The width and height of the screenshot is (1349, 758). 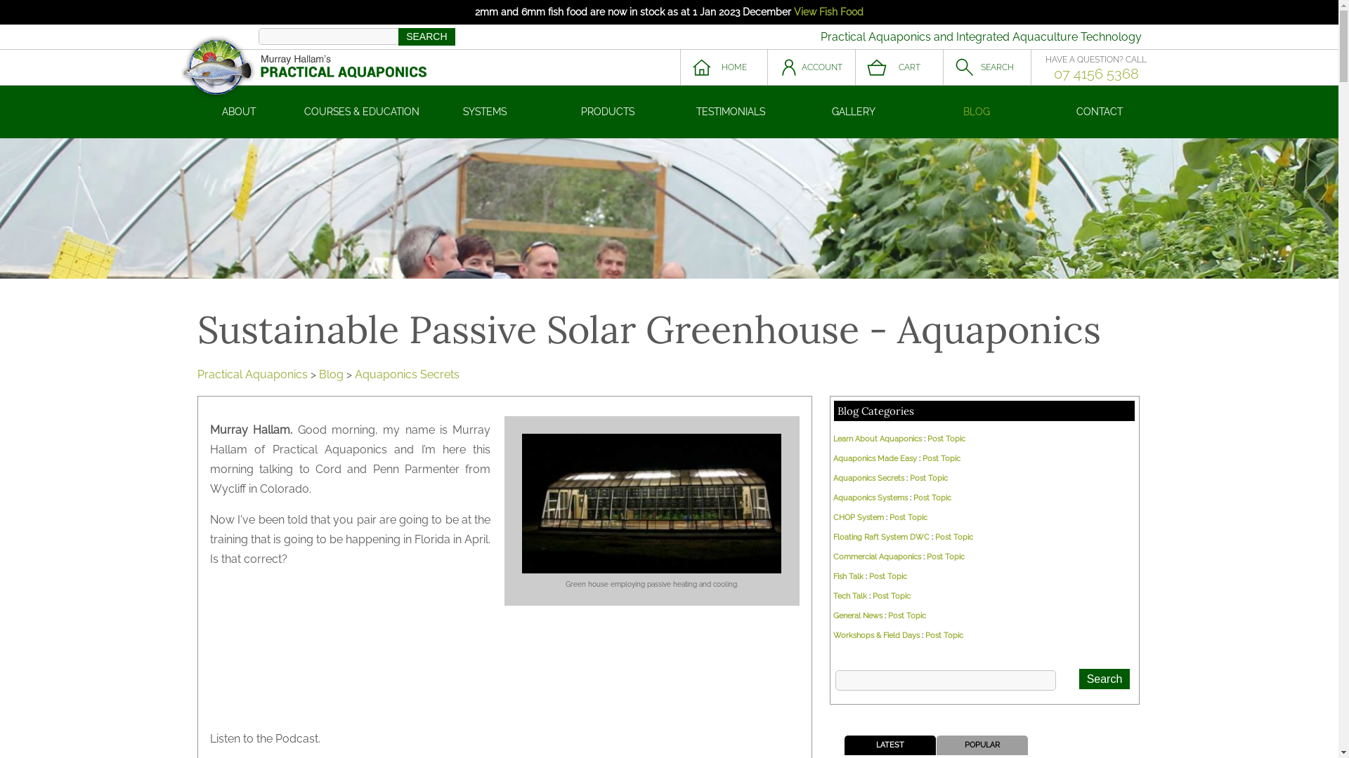 What do you see at coordinates (858, 517) in the screenshot?
I see `'CHOP System'` at bounding box center [858, 517].